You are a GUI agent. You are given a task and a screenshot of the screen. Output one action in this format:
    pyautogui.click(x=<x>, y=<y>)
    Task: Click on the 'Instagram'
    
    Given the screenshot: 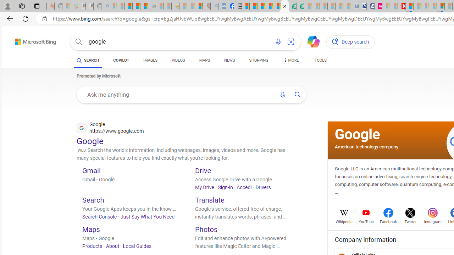 What is the action you would take?
    pyautogui.click(x=432, y=221)
    